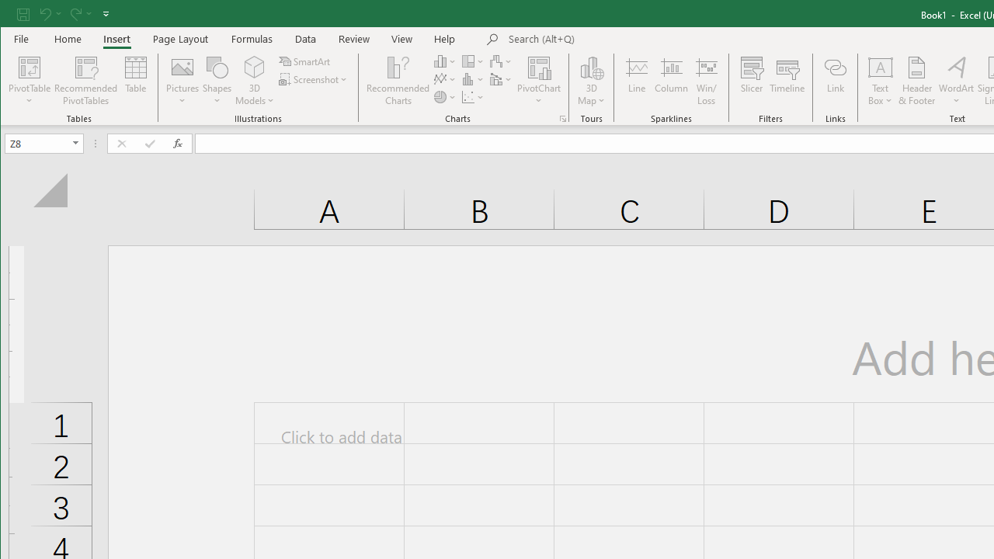  Describe the element at coordinates (255, 81) in the screenshot. I see `'3D Models'` at that location.